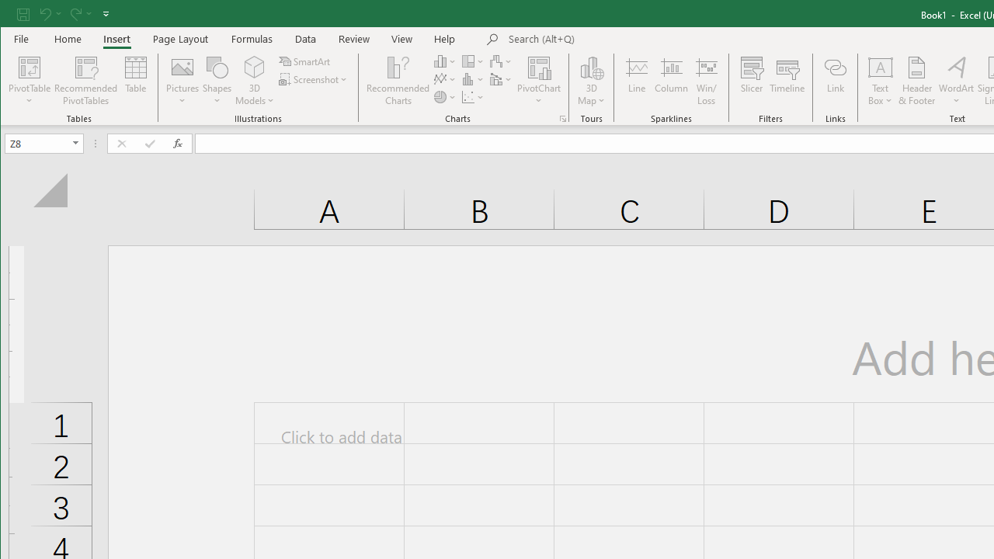  Describe the element at coordinates (255, 81) in the screenshot. I see `'3D Models'` at that location.